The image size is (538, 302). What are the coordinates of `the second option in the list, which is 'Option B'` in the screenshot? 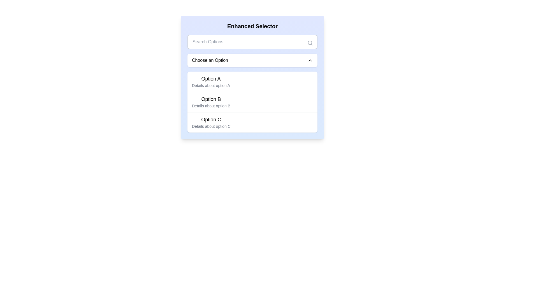 It's located at (252, 102).